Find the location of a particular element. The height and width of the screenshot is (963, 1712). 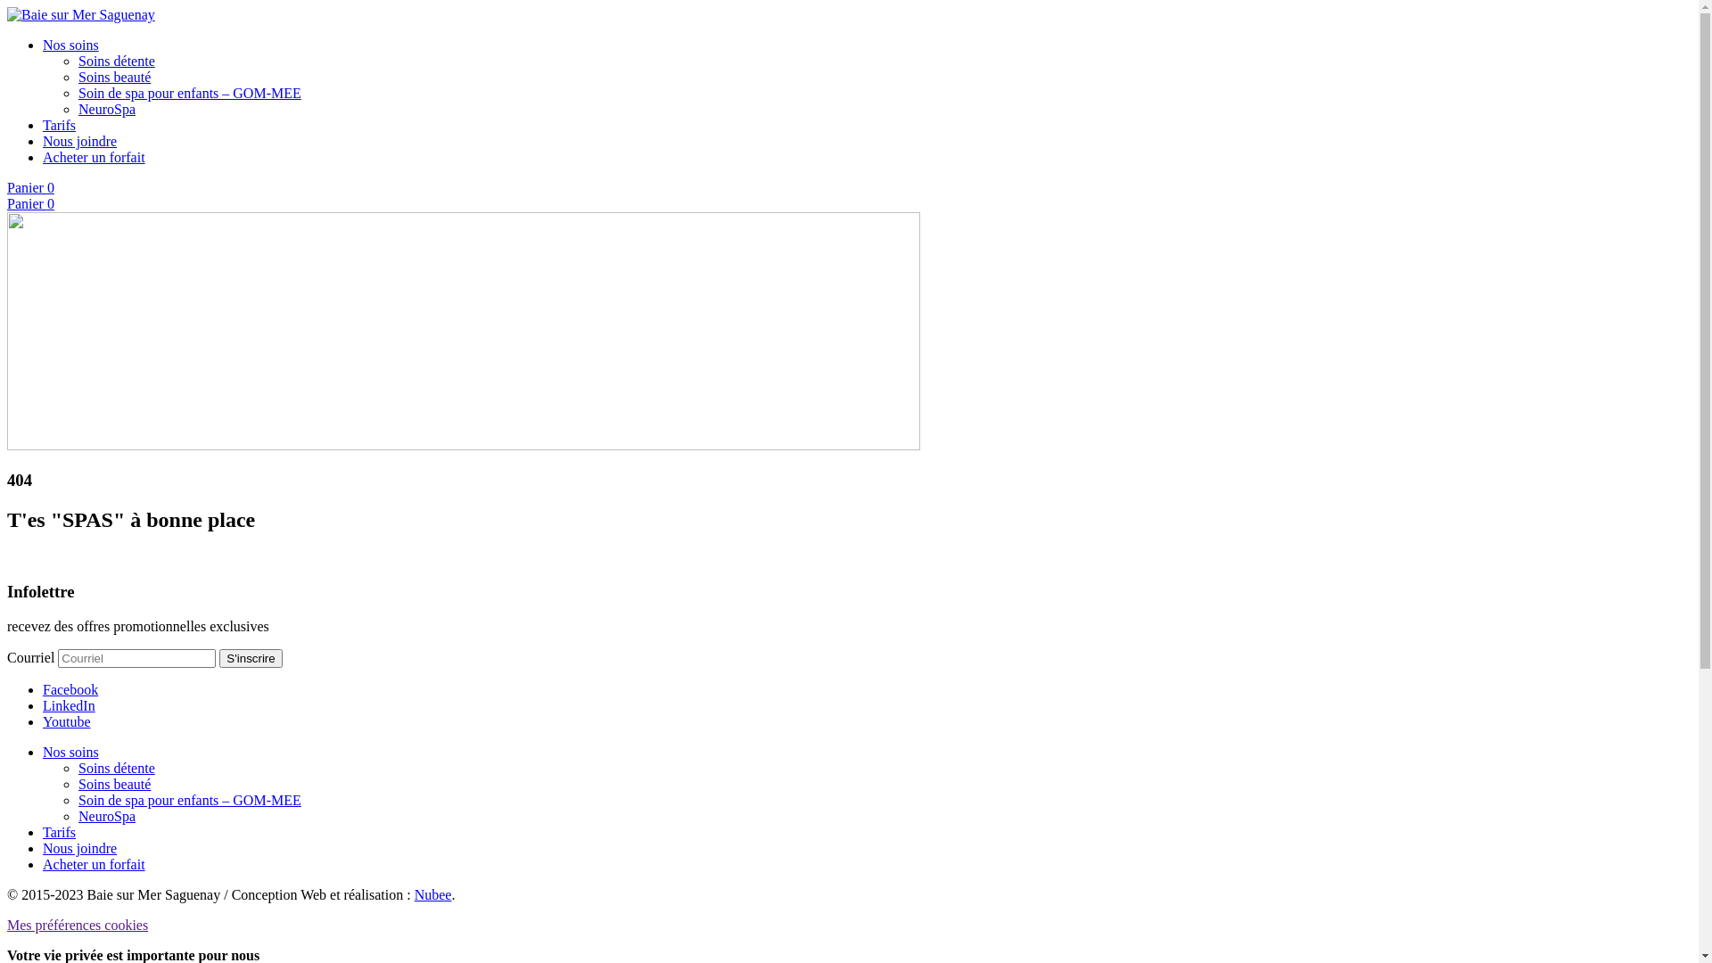

'Facebook' is located at coordinates (70, 688).